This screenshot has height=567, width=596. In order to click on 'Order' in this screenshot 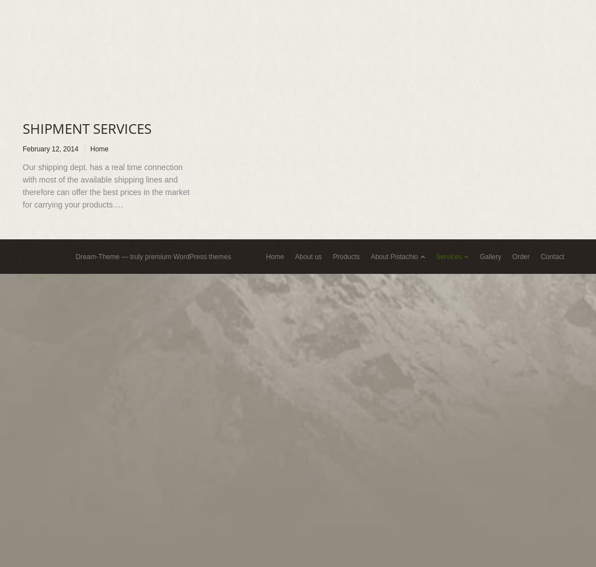, I will do `click(511, 256)`.